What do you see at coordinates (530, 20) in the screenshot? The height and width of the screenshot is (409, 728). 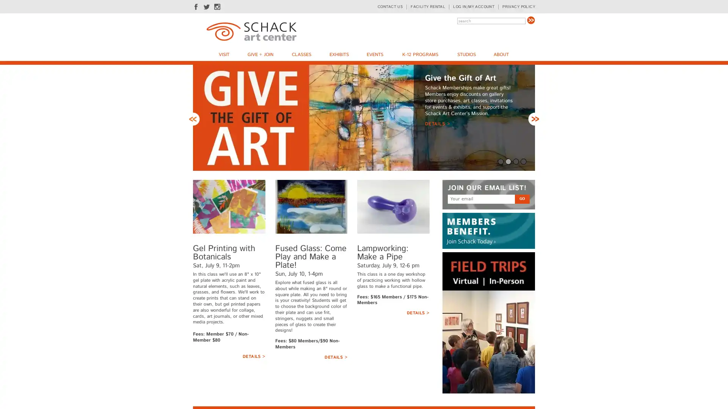 I see `Go` at bounding box center [530, 20].